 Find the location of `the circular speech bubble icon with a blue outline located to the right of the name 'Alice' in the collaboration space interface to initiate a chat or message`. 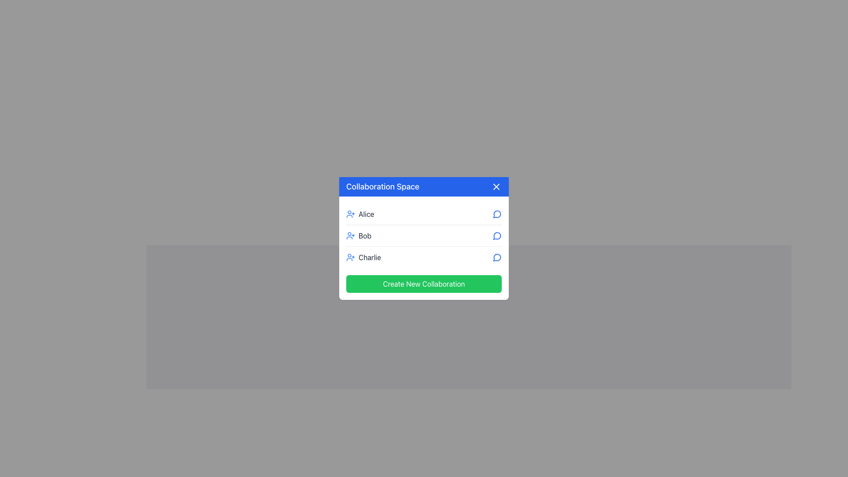

the circular speech bubble icon with a blue outline located to the right of the name 'Alice' in the collaboration space interface to initiate a chat or message is located at coordinates (497, 214).